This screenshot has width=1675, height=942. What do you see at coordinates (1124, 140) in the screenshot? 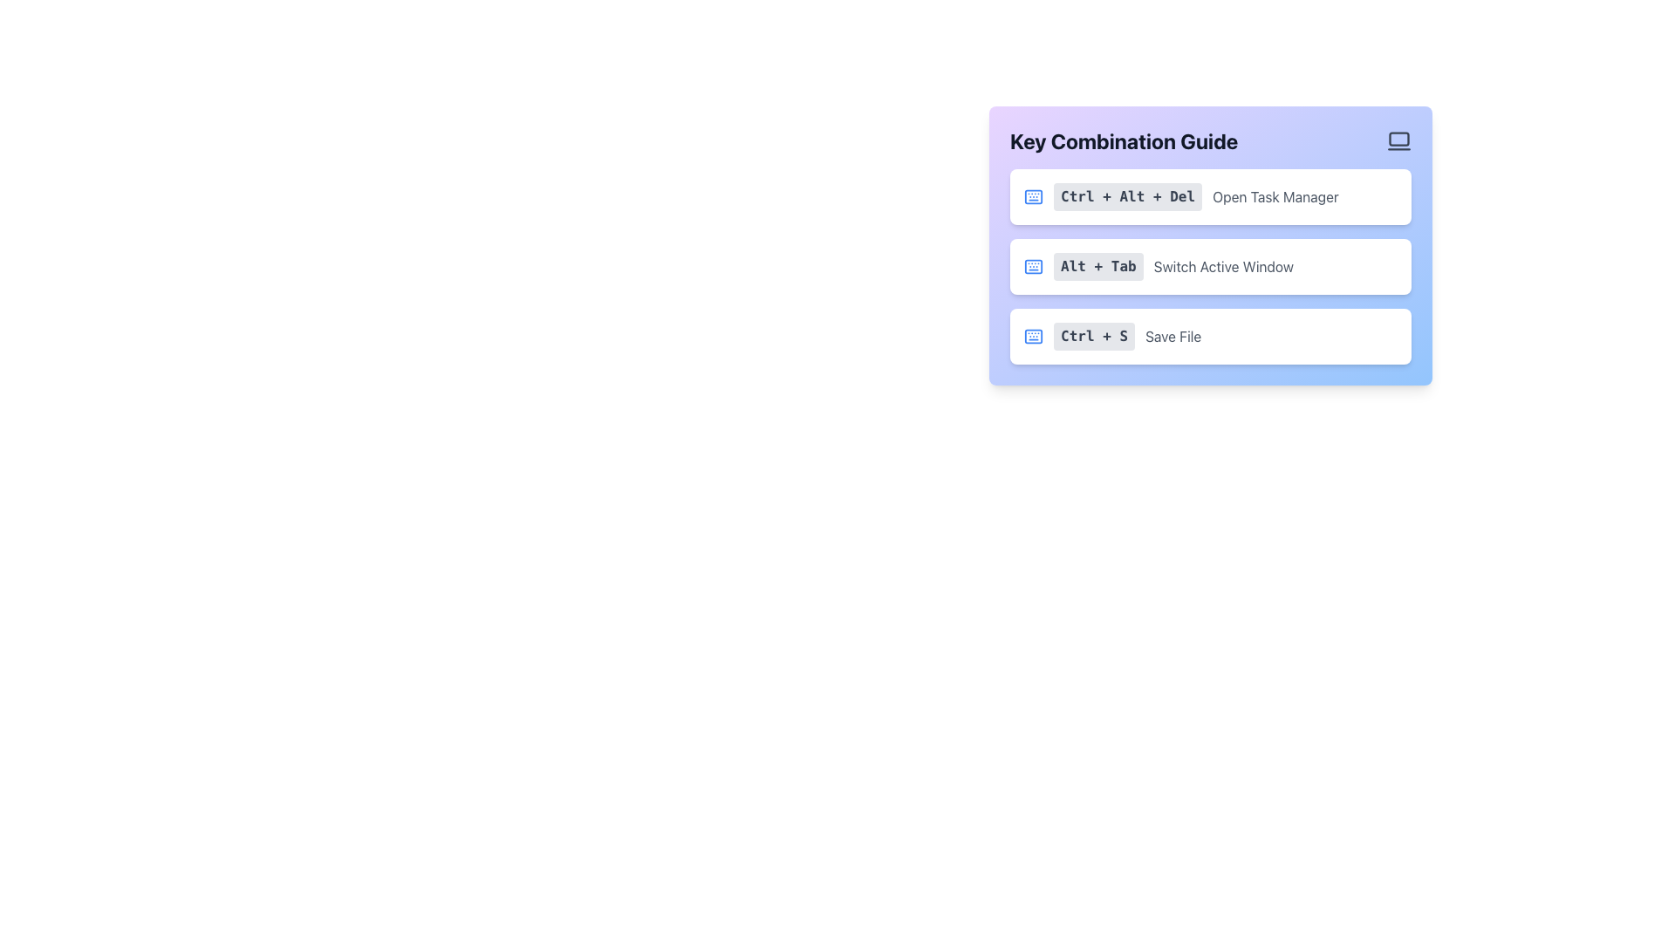
I see `text label displaying 'Key Combination Guide' prominently in bold at the top of the panel` at bounding box center [1124, 140].